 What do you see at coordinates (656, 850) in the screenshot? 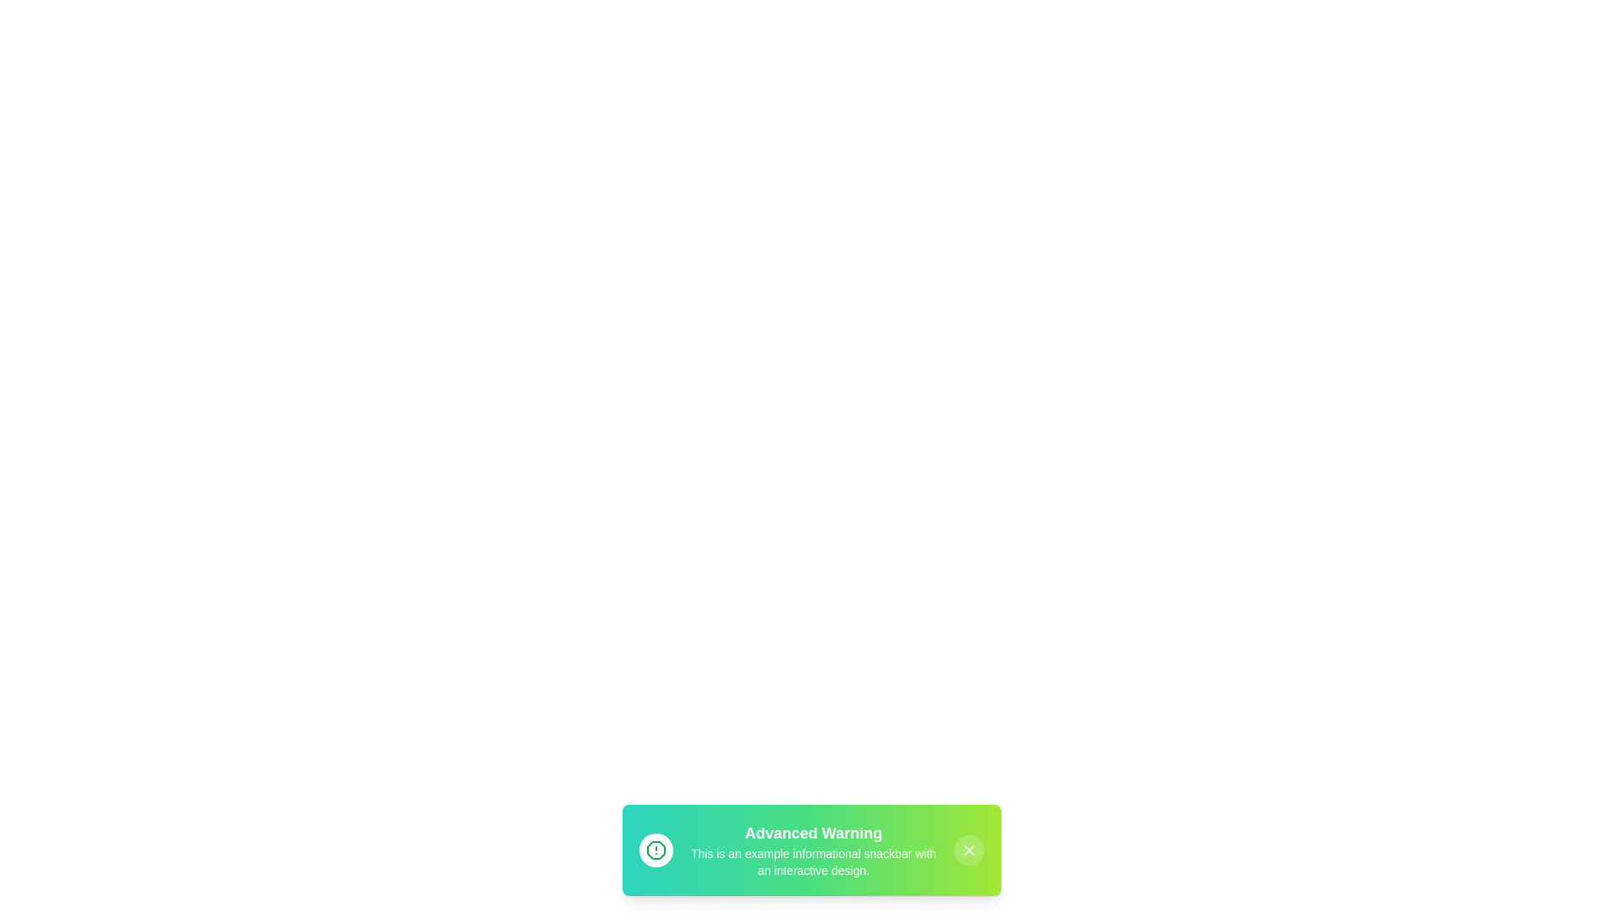
I see `the center of the snackbar icon to focus on it` at bounding box center [656, 850].